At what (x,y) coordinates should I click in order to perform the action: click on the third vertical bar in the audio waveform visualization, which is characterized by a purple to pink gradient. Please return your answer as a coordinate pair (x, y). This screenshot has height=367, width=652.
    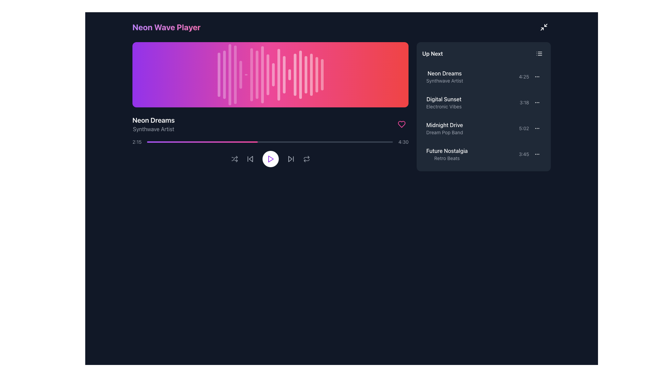
    Looking at the image, I should click on (230, 74).